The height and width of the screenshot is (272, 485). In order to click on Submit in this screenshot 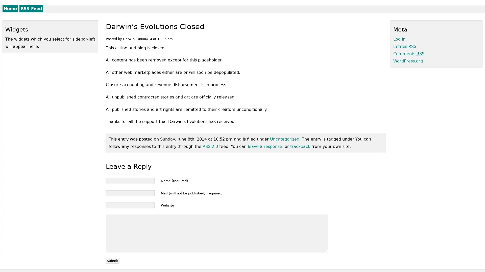, I will do `click(112, 261)`.